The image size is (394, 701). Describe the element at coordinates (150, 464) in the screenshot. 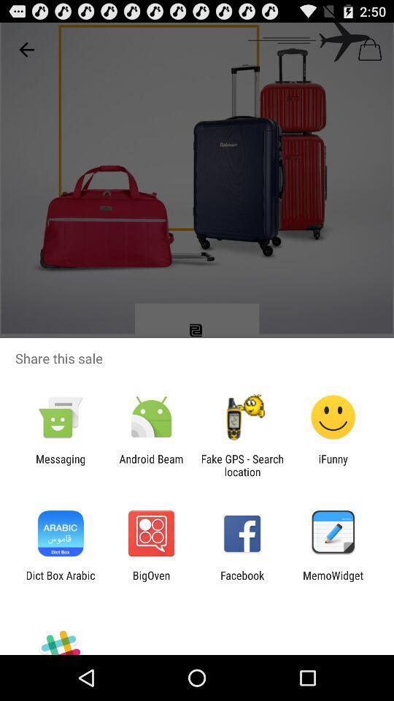

I see `the item to the left of fake gps search icon` at that location.